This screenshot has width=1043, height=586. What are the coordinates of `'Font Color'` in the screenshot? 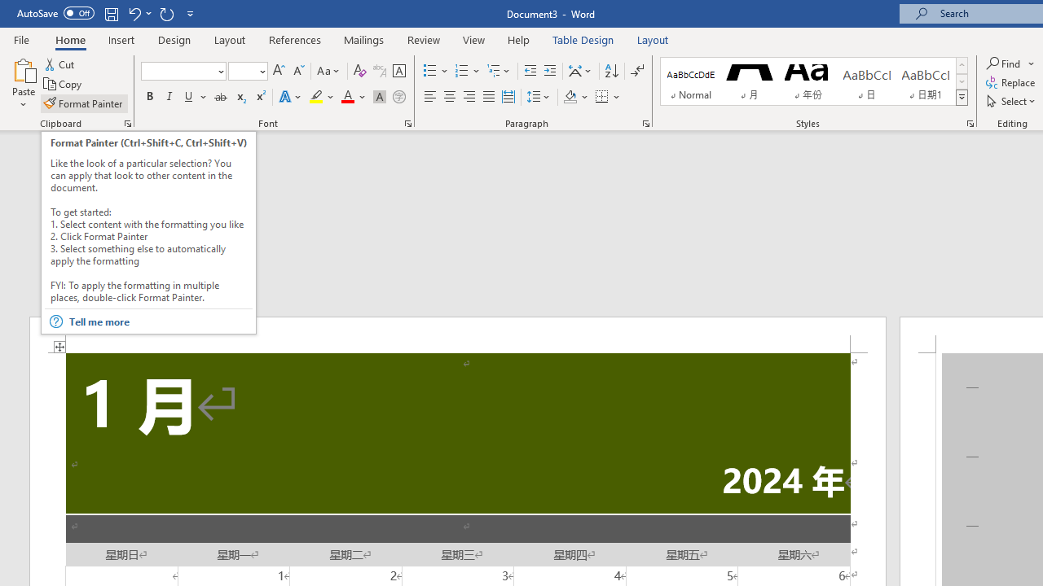 It's located at (353, 97).